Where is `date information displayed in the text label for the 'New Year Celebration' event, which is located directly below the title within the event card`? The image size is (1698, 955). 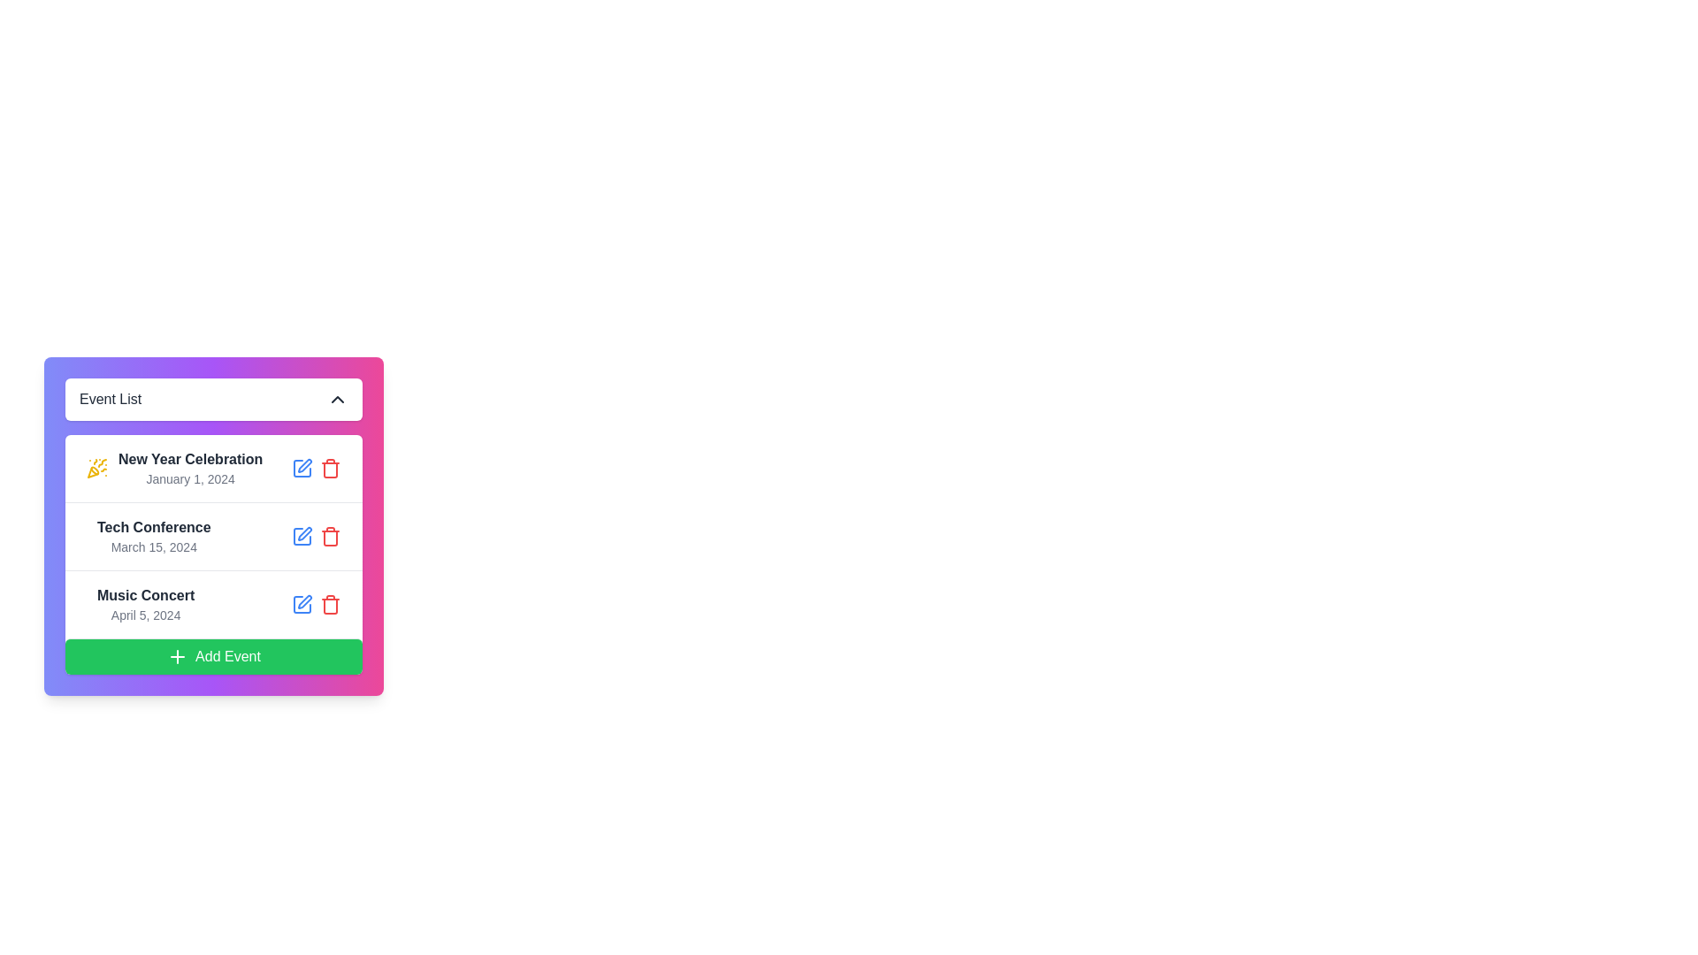 date information displayed in the text label for the 'New Year Celebration' event, which is located directly below the title within the event card is located at coordinates (190, 479).